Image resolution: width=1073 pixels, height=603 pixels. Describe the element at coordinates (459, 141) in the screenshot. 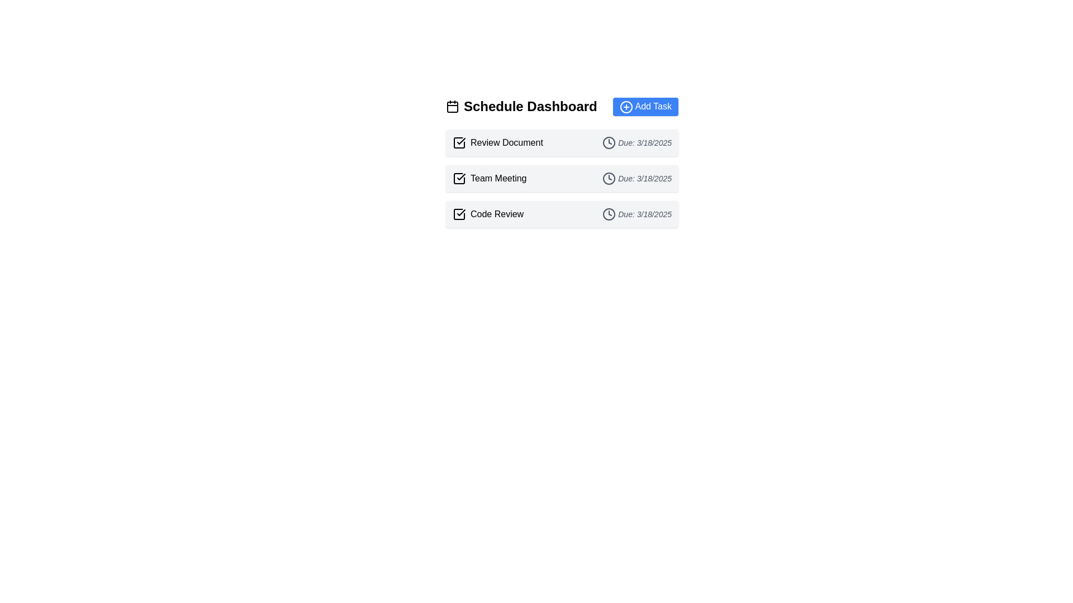

I see `the icon resembling a square with a check mark inside it, located to the left of the text 'Review Document', indicating a task marked as reviewed or completed` at that location.